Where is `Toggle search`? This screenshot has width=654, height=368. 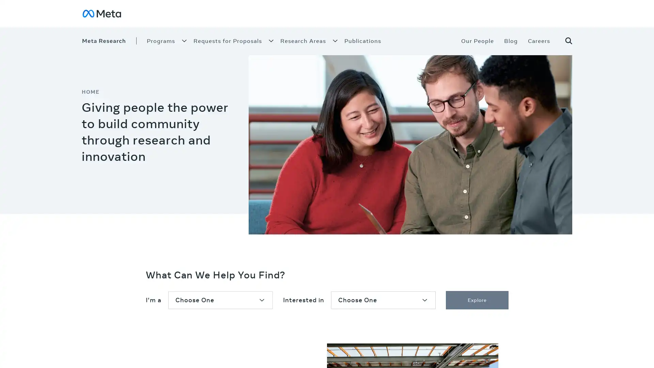
Toggle search is located at coordinates (564, 41).